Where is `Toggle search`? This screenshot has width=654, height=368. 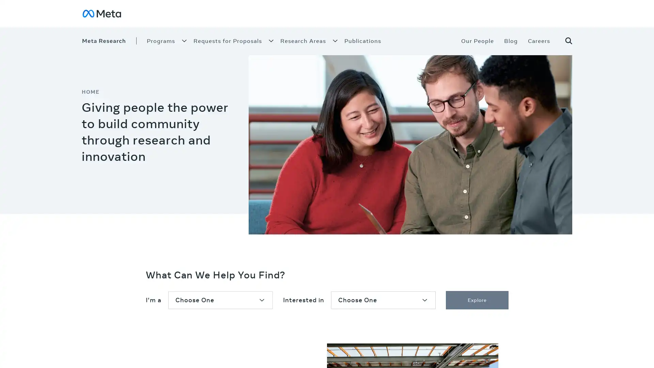
Toggle search is located at coordinates (564, 41).